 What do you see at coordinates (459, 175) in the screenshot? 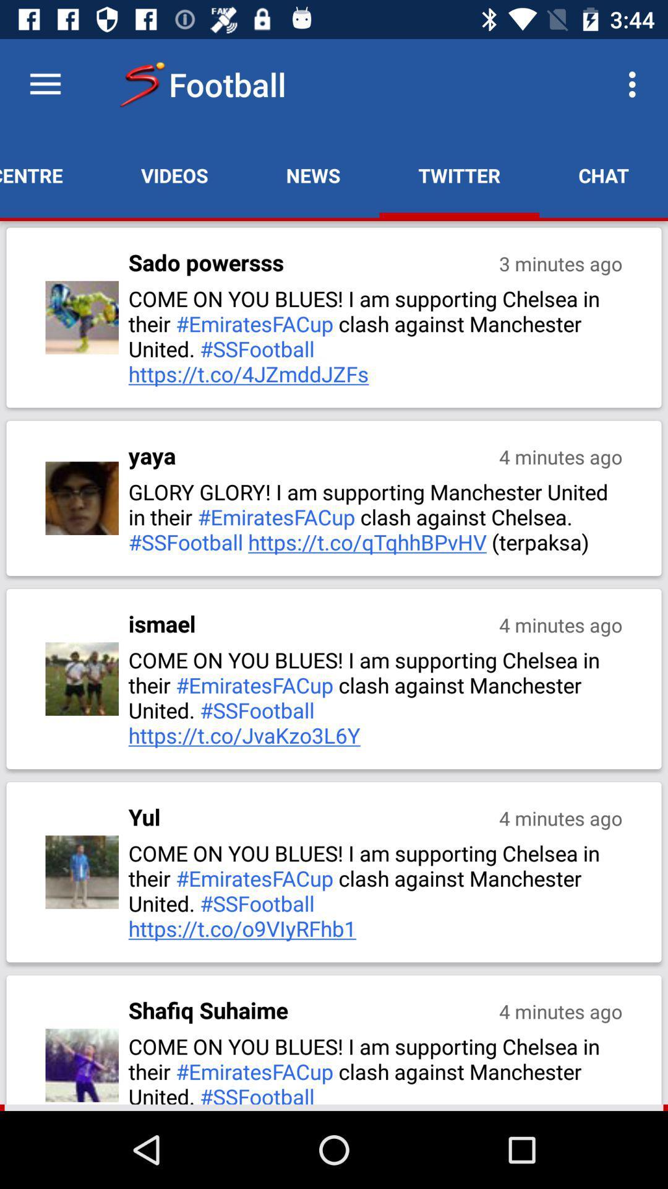
I see `app to the right of news` at bounding box center [459, 175].